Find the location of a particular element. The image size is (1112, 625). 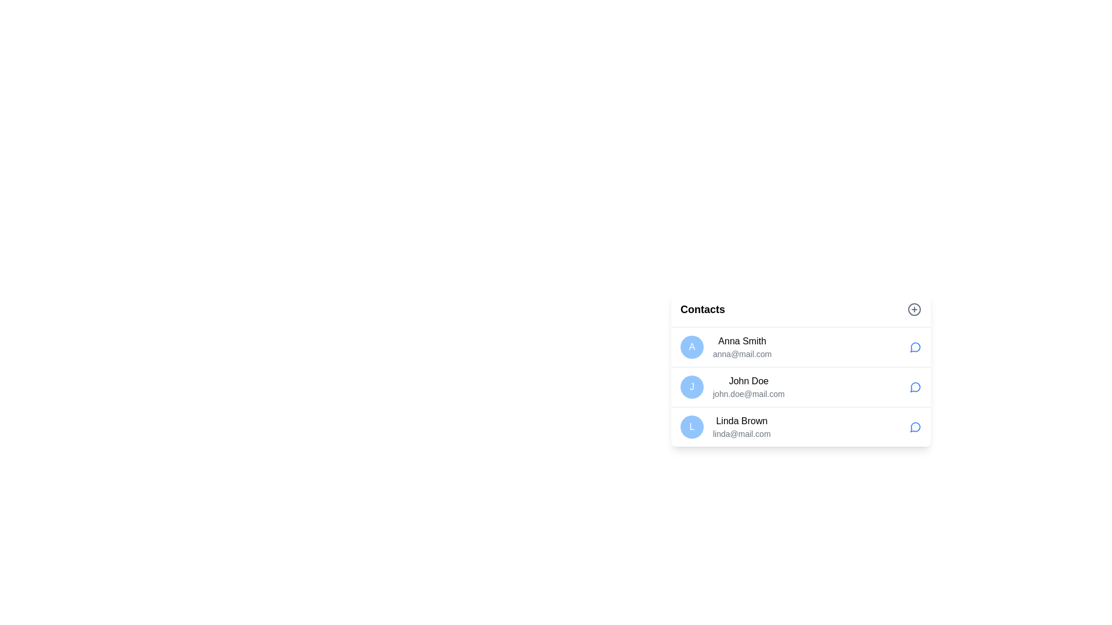

the contact name text label, which is the third entry in the 'Contacts' section, located to the right of the circular avatar with the letter 'L' is located at coordinates (741, 421).